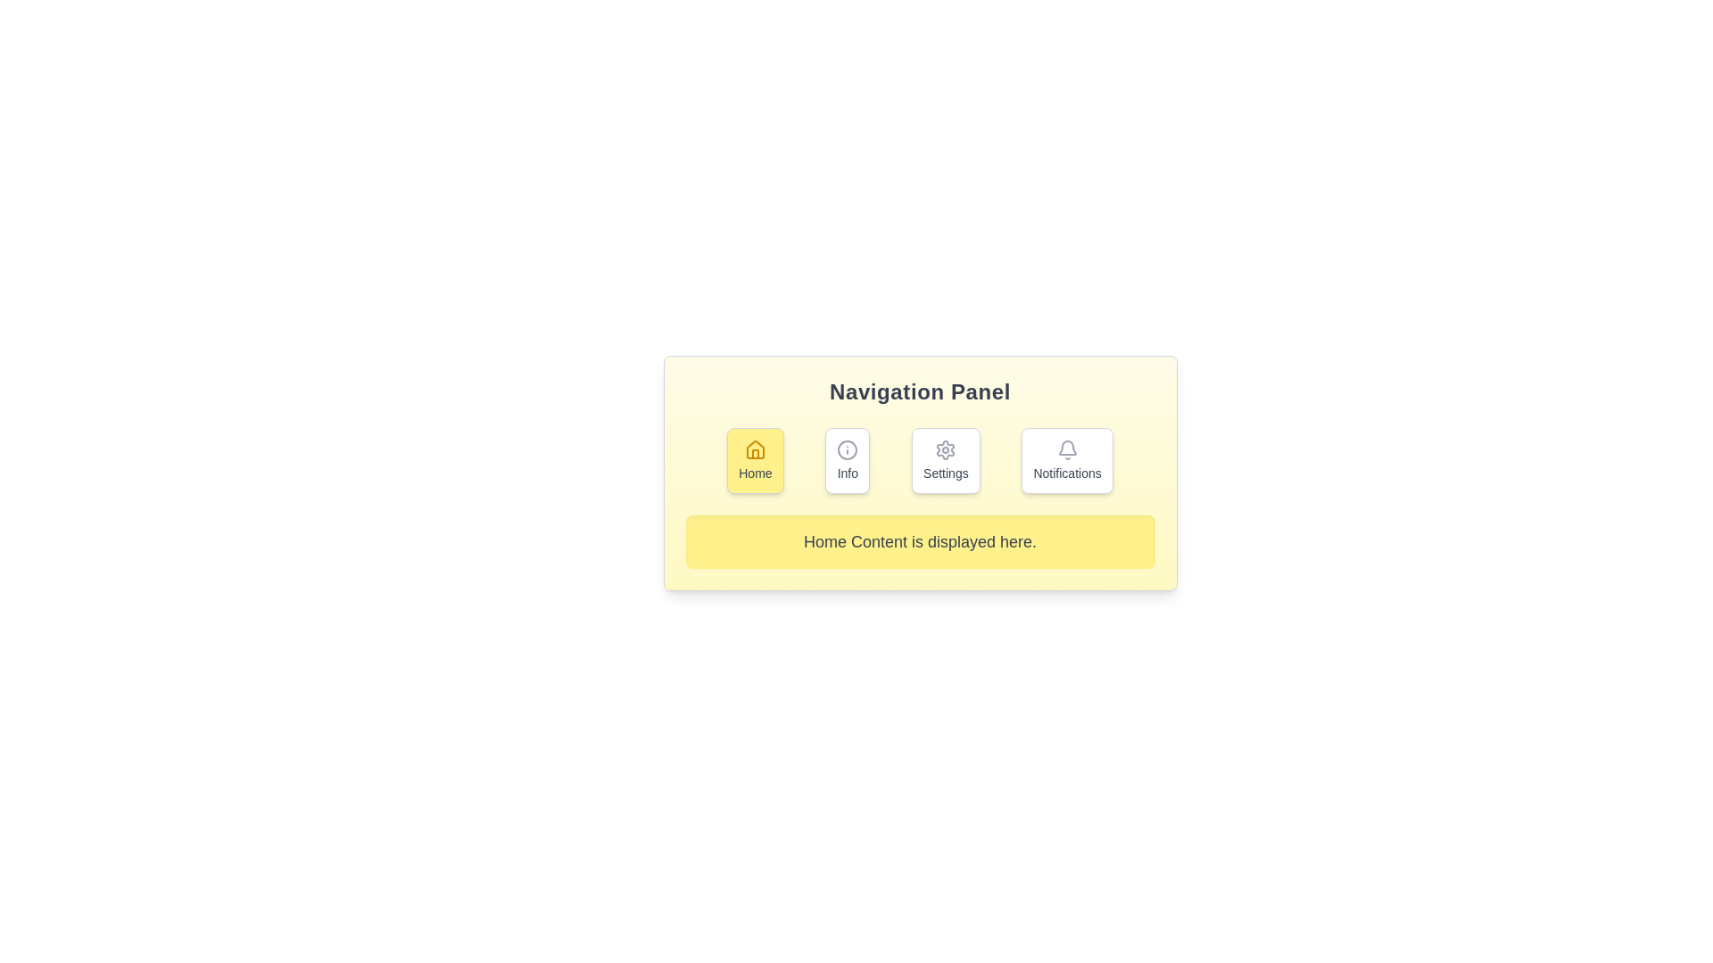  What do you see at coordinates (755, 459) in the screenshot?
I see `the 'Home' button with a yellow background and house-shaped icon in the navigation section` at bounding box center [755, 459].